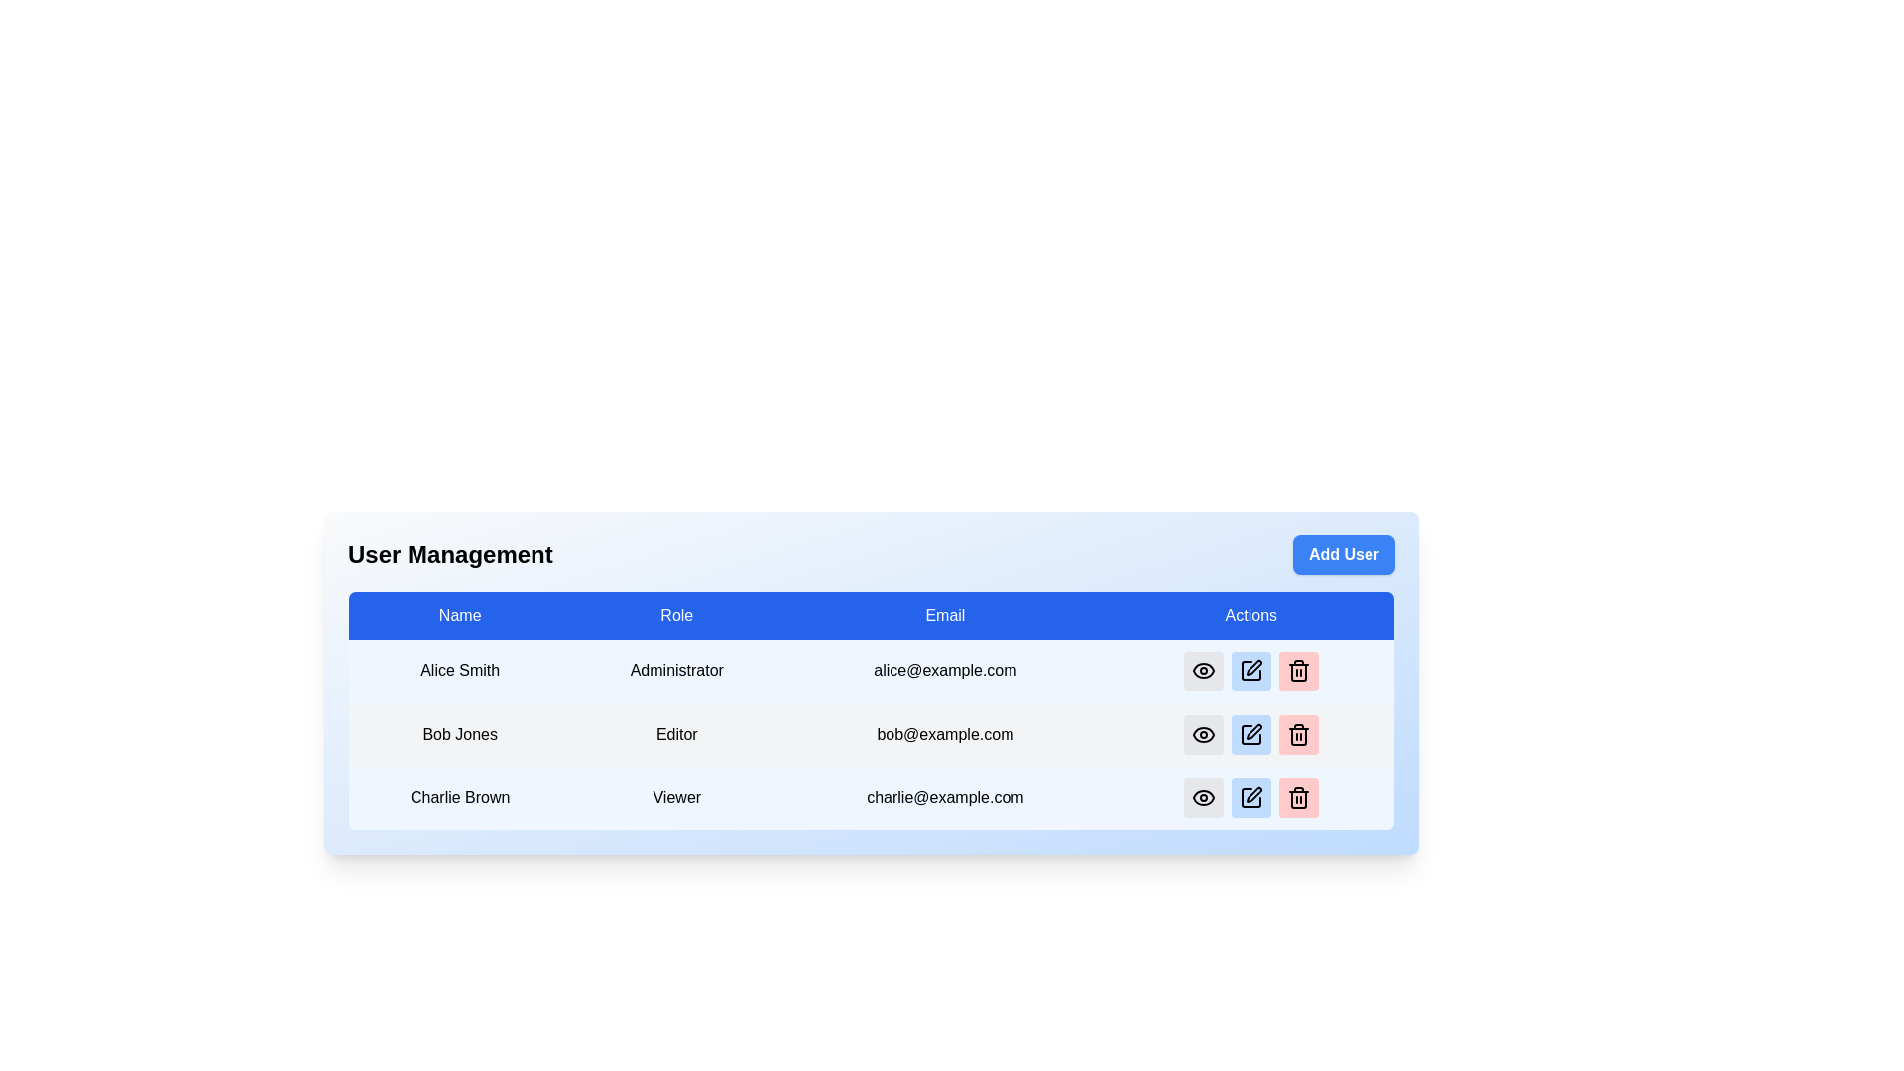 This screenshot has height=1071, width=1904. Describe the element at coordinates (1202, 734) in the screenshot. I see `the eye icon button located in the second row of the table under the 'Actions' column` at that location.